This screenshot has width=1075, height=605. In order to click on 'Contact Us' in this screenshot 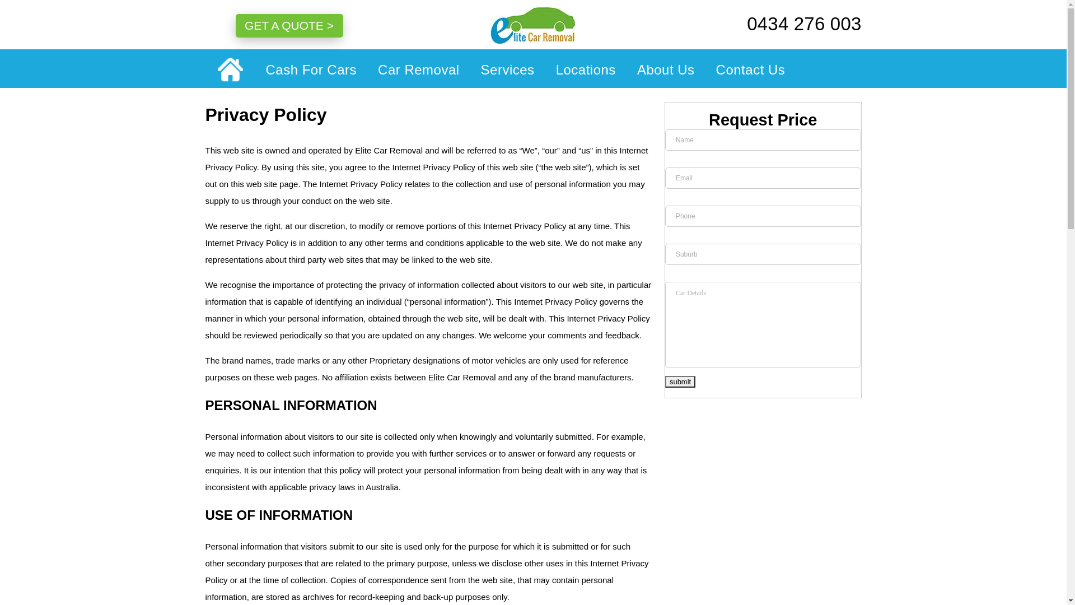, I will do `click(745, 68)`.